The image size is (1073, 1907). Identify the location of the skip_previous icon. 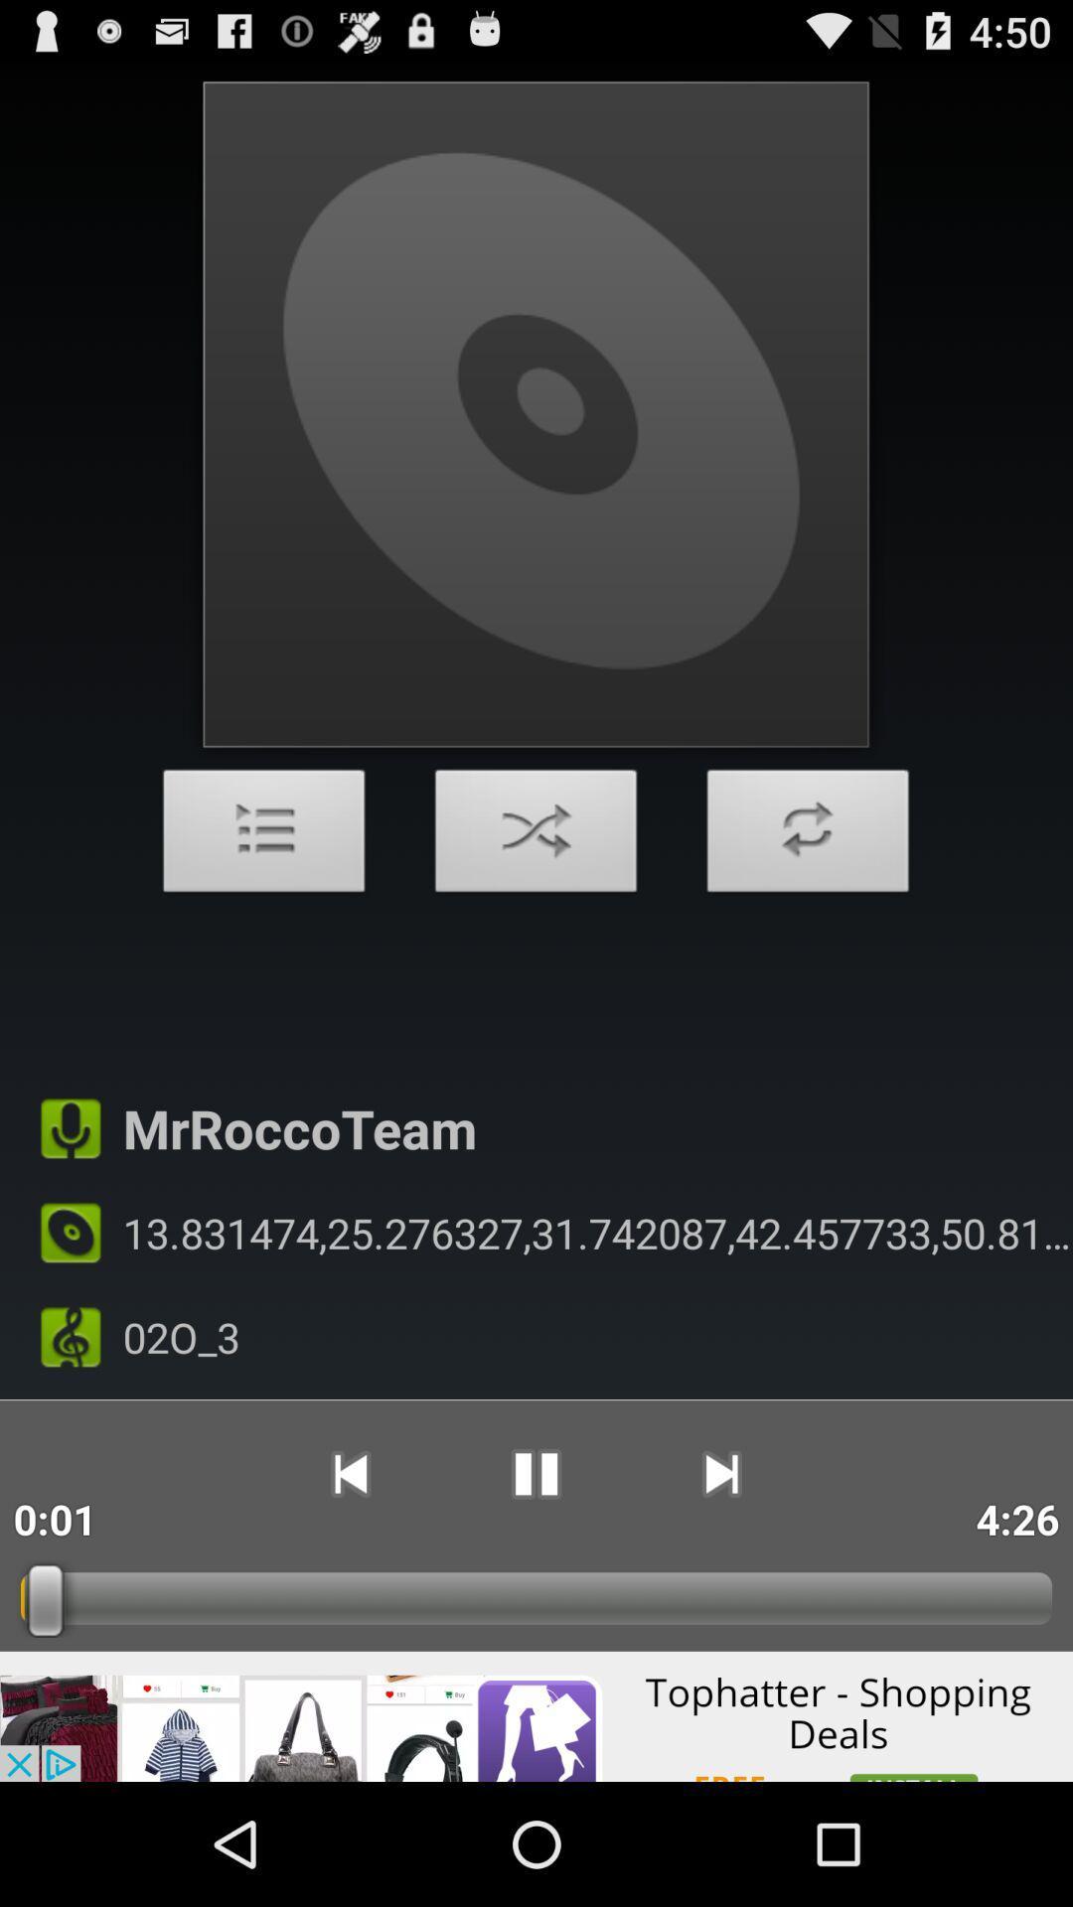
(349, 1576).